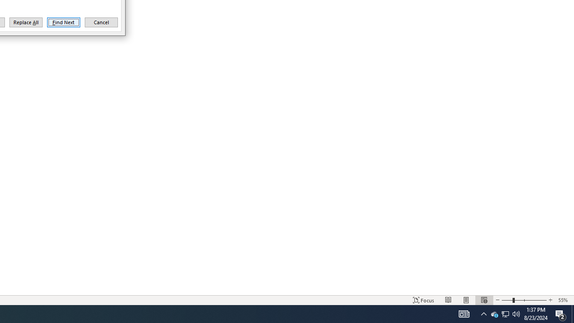 This screenshot has width=574, height=323. Describe the element at coordinates (505, 313) in the screenshot. I see `'Q2790: 100%'` at that location.